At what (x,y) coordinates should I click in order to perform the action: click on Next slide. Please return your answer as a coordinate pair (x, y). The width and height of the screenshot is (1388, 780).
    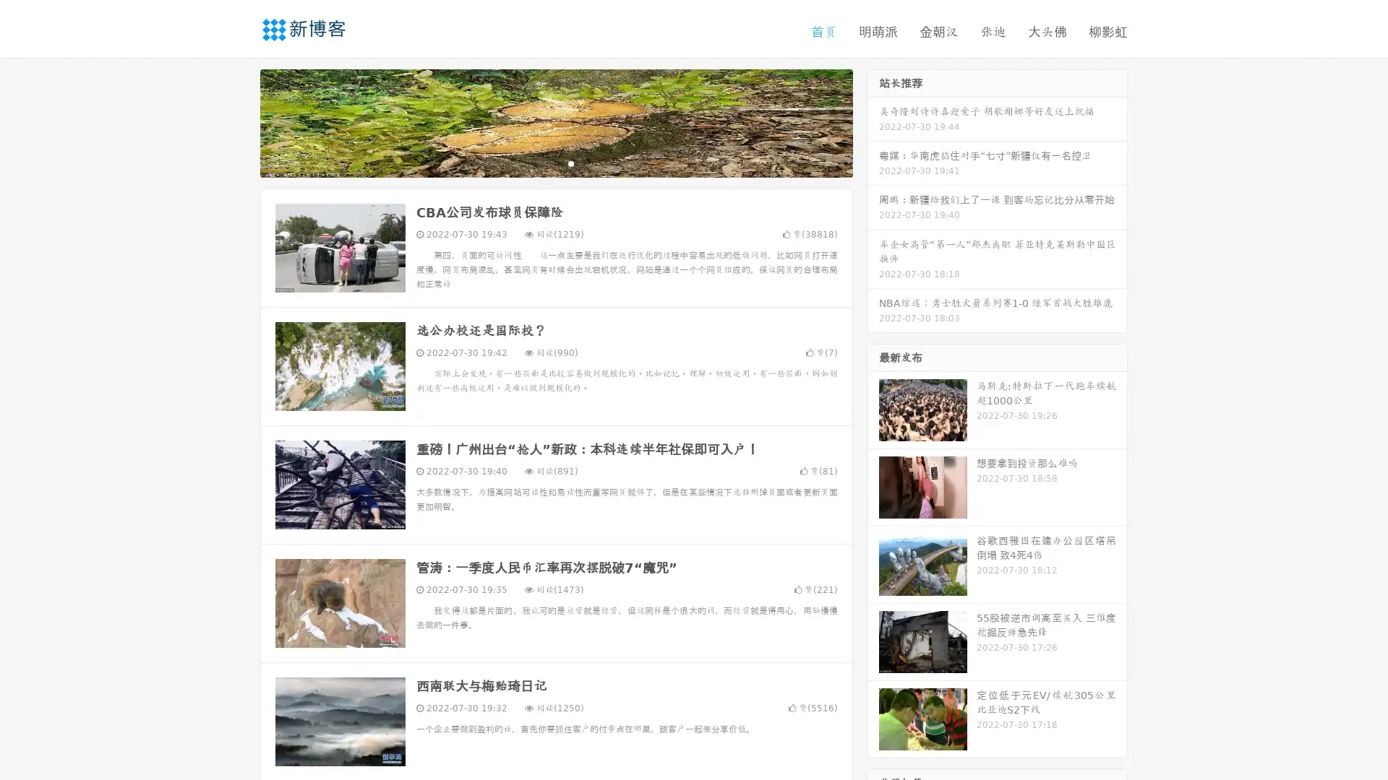
    Looking at the image, I should click on (873, 121).